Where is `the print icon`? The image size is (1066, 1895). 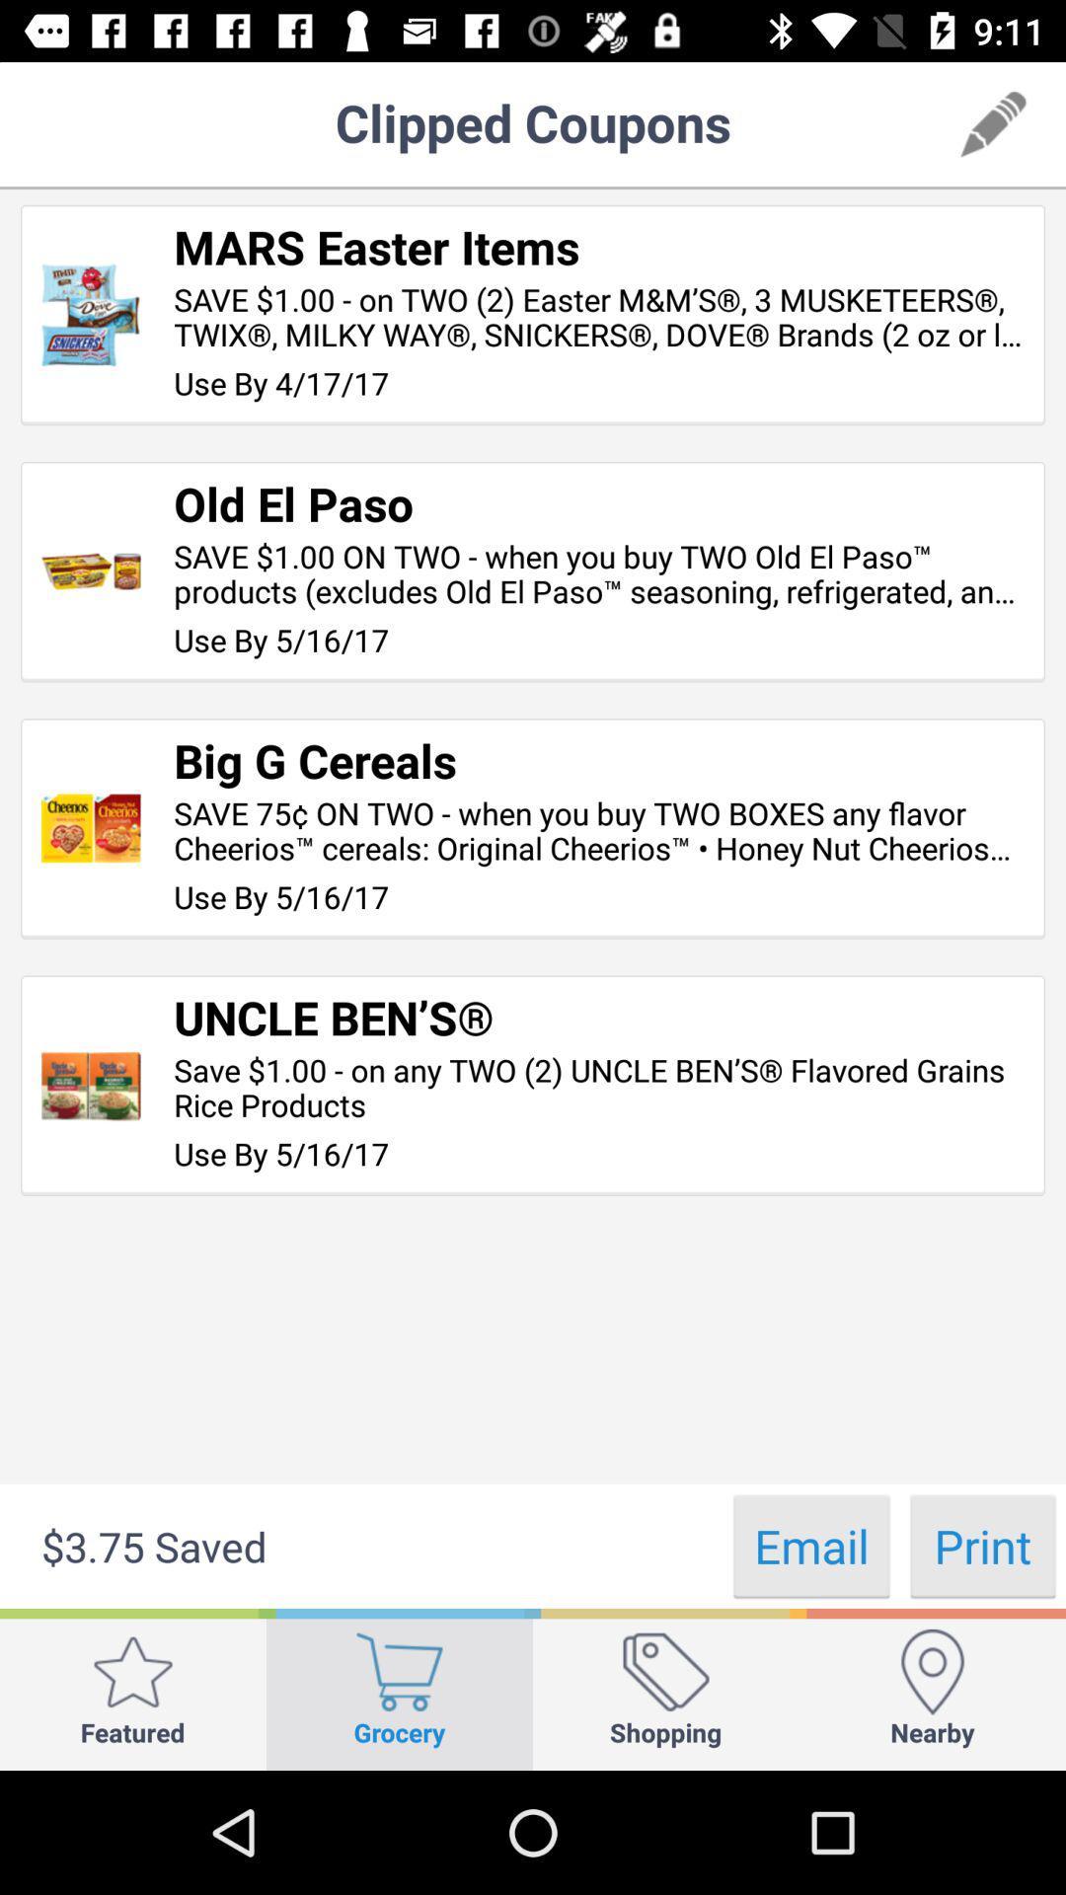
the print icon is located at coordinates (982, 1545).